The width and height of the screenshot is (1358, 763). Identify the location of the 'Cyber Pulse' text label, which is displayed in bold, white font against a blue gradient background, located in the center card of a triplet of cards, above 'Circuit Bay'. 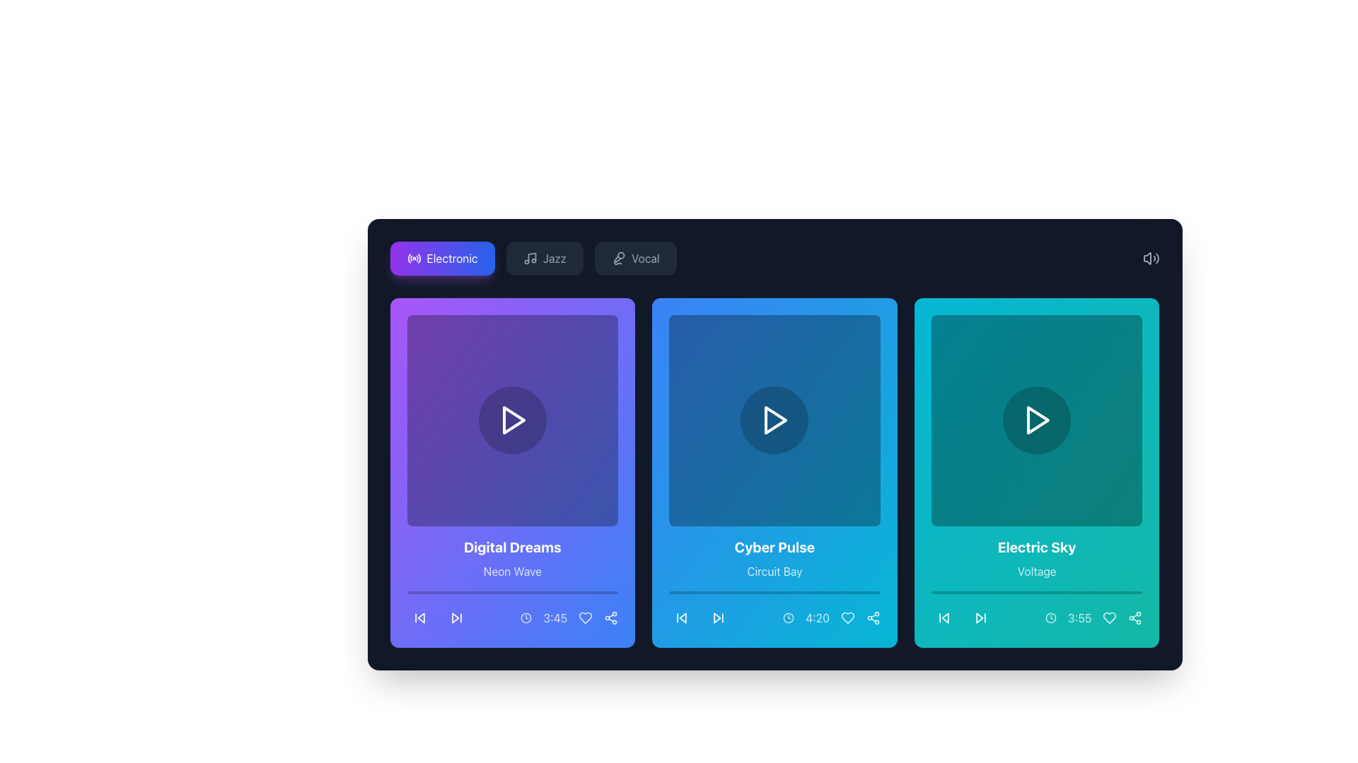
(774, 546).